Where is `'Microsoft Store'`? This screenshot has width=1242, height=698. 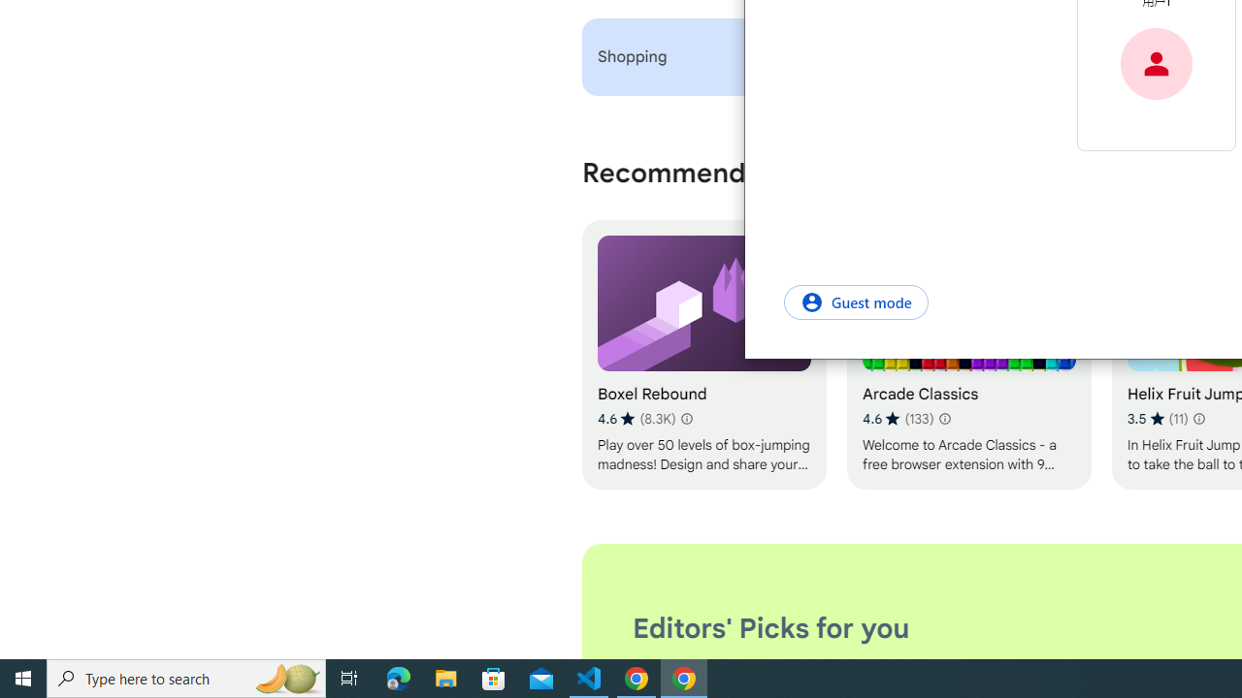
'Microsoft Store' is located at coordinates (494, 677).